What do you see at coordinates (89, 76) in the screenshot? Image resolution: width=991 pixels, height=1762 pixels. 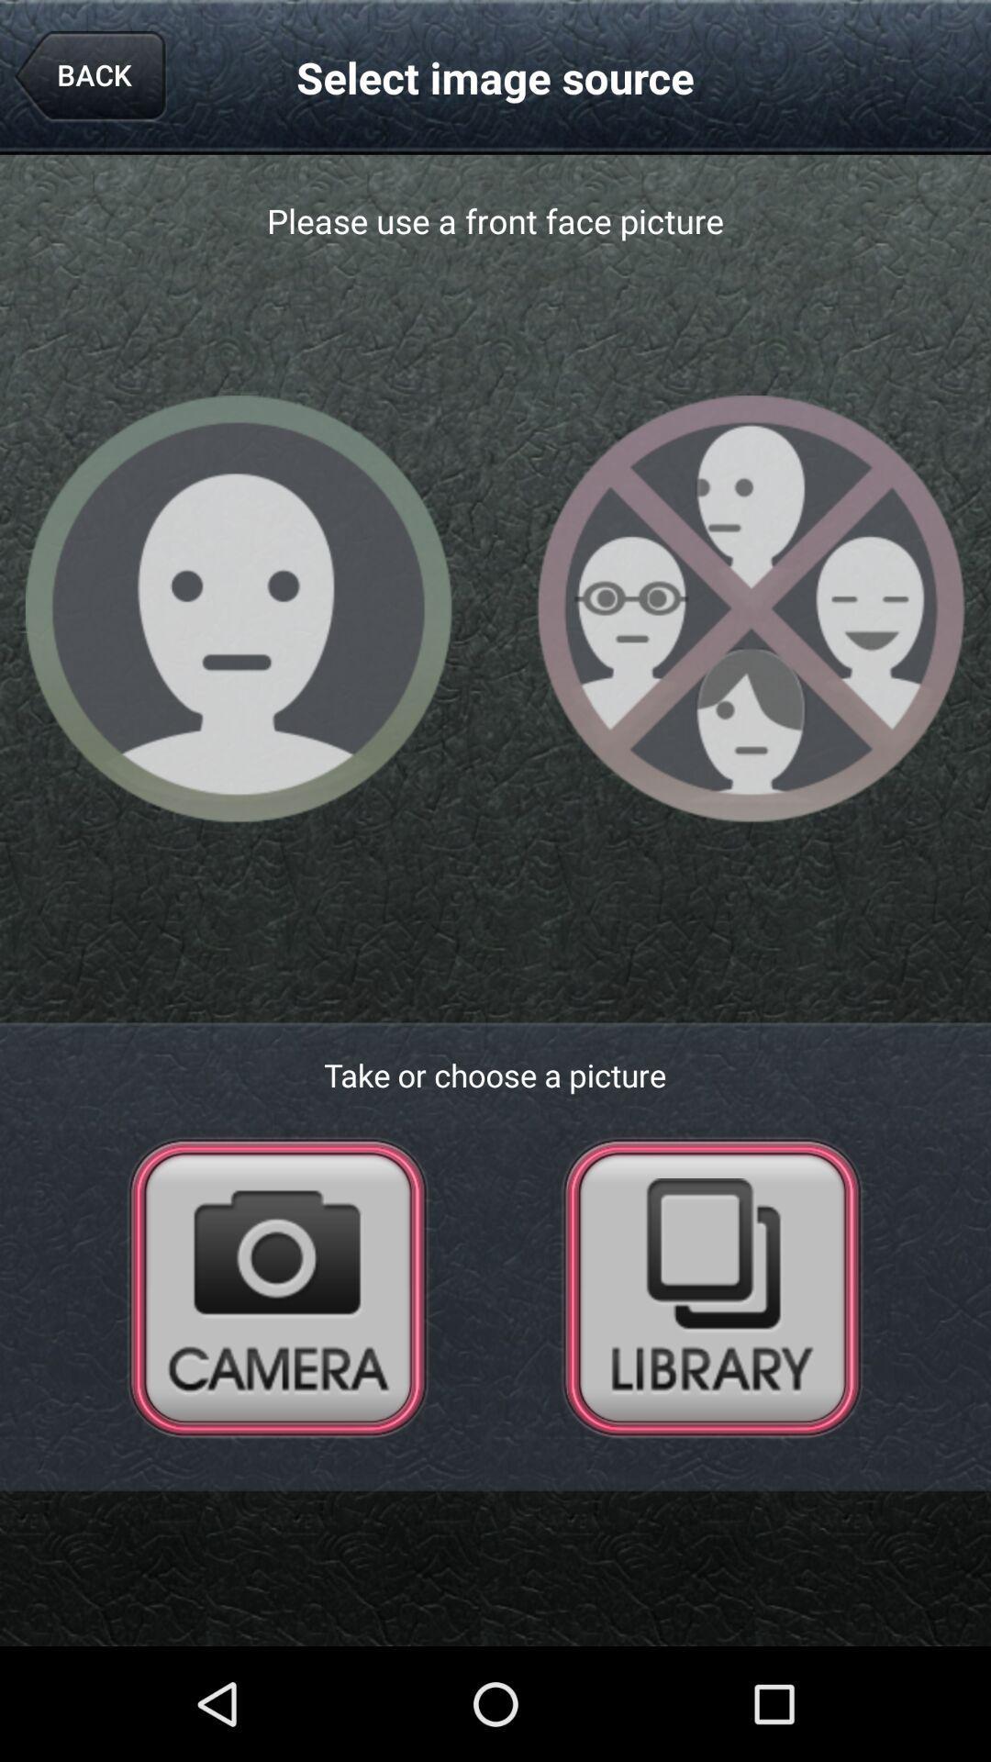 I see `icon to the left of the select image source app` at bounding box center [89, 76].